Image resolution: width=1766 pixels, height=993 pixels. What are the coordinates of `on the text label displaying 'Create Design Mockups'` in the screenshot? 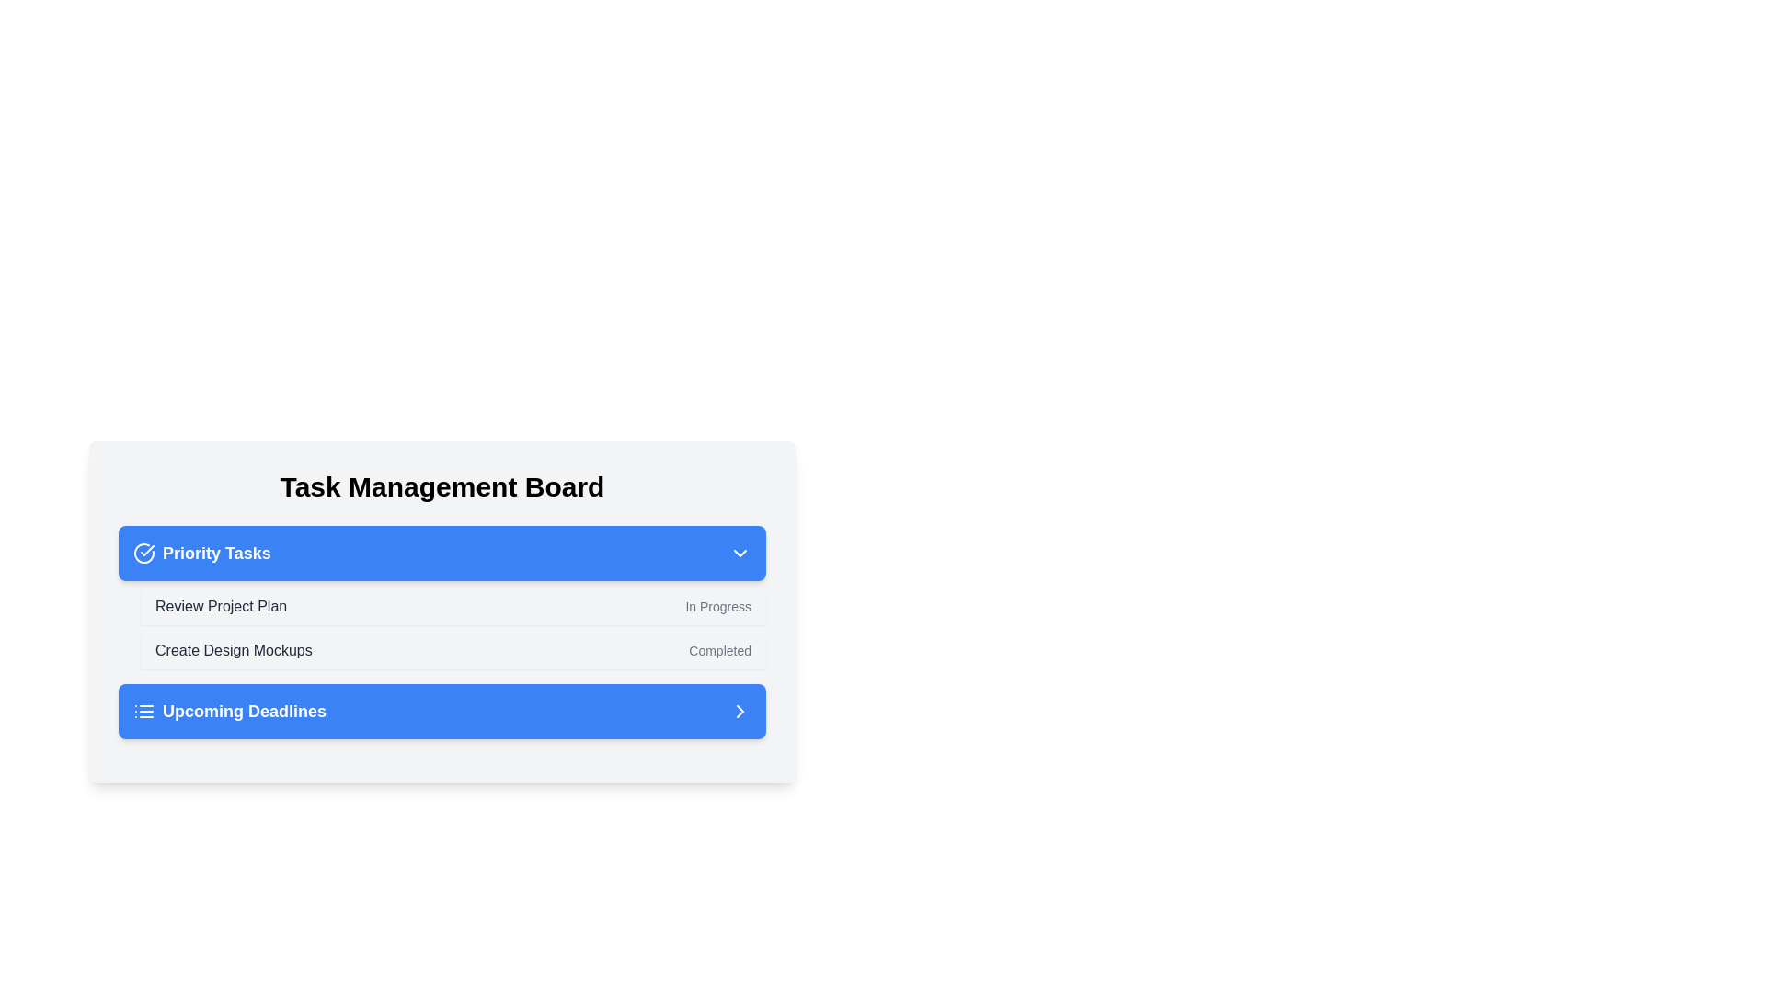 It's located at (233, 650).